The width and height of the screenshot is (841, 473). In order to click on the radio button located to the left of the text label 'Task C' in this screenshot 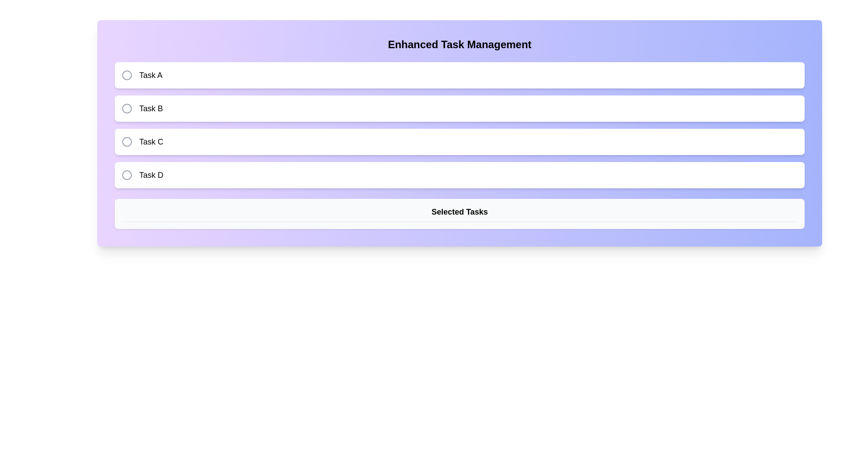, I will do `click(126, 141)`.